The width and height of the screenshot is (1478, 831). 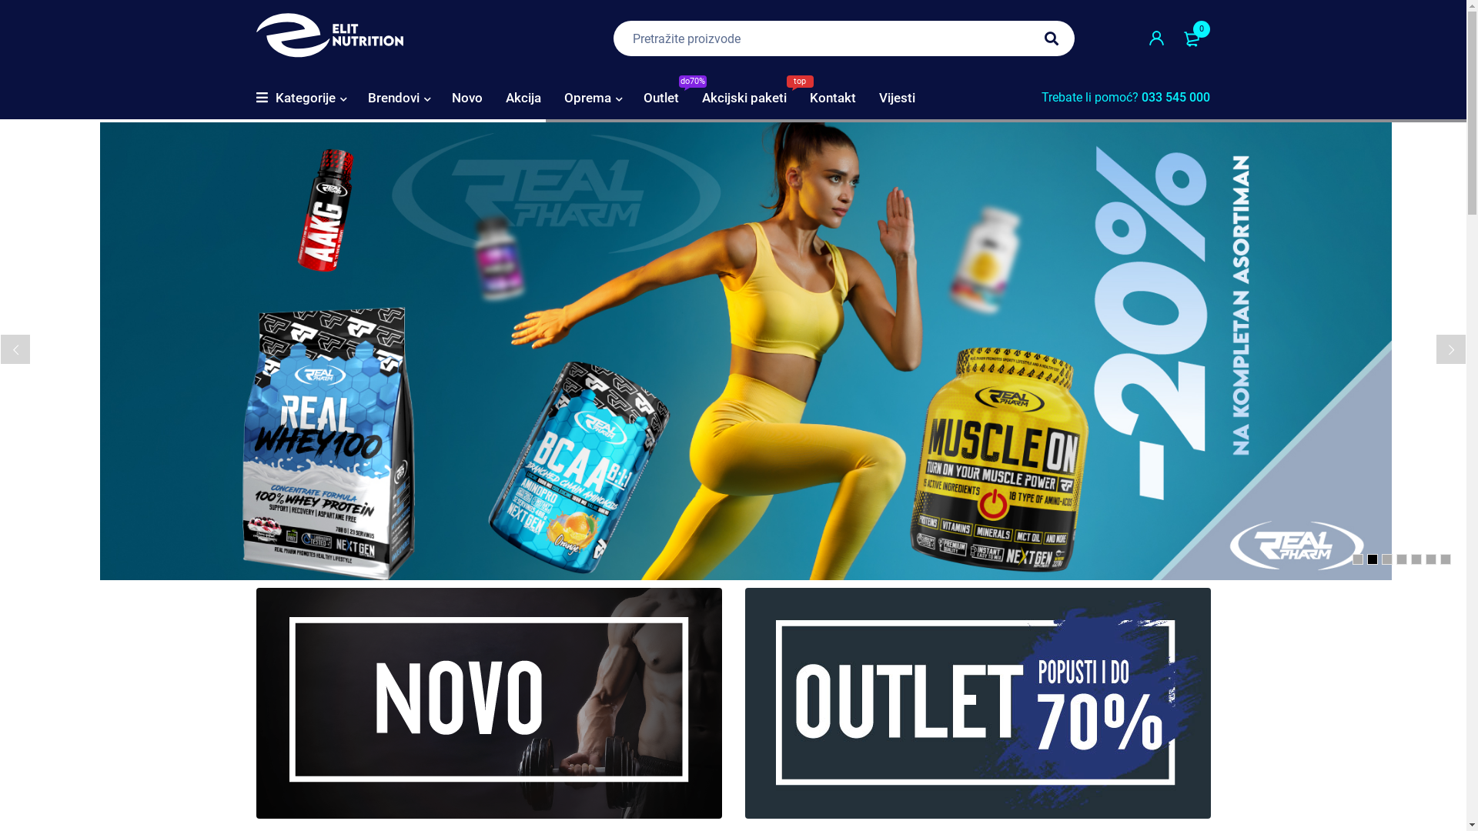 What do you see at coordinates (465, 98) in the screenshot?
I see `'Novo'` at bounding box center [465, 98].